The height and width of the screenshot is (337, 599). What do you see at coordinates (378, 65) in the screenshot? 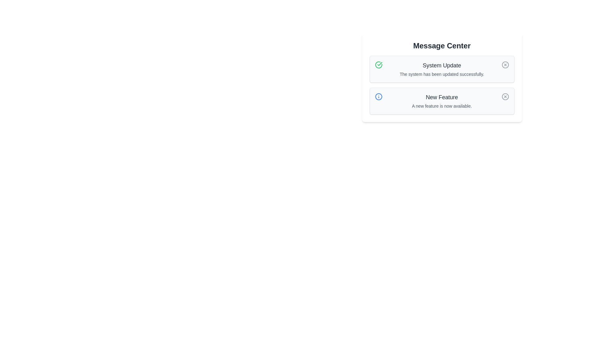
I see `the icon that signifies the successful completion of the system update, which is positioned to the left of the 'System Update' text in the notification box` at bounding box center [378, 65].